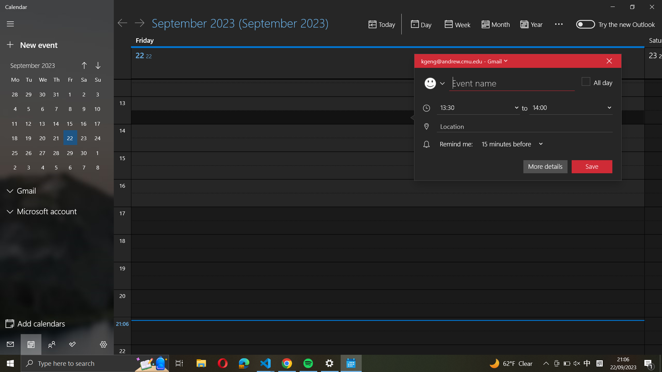 Image resolution: width=662 pixels, height=372 pixels. Describe the element at coordinates (421, 24) in the screenshot. I see `View the daily calendar` at that location.